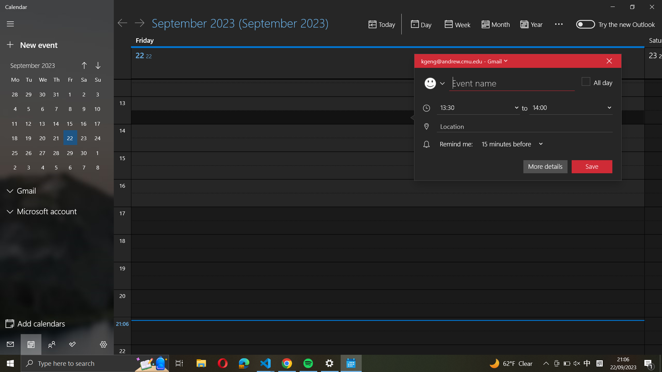 Image resolution: width=662 pixels, height=372 pixels. Describe the element at coordinates (421, 24) in the screenshot. I see `View the daily calendar` at that location.